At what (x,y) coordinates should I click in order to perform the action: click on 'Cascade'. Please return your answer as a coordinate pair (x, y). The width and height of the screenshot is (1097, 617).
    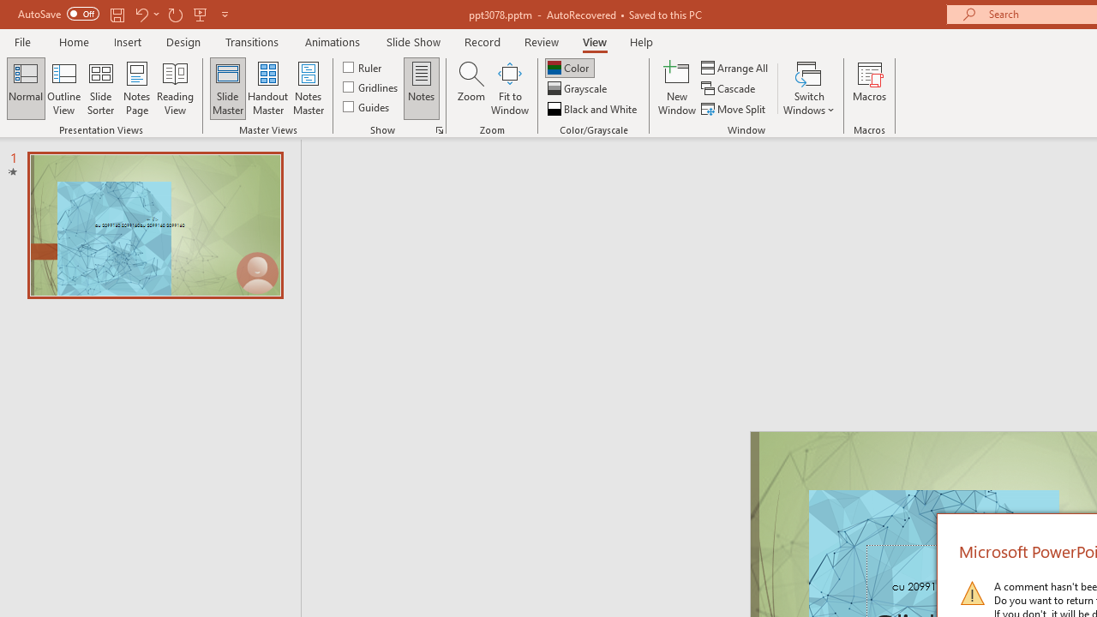
    Looking at the image, I should click on (729, 88).